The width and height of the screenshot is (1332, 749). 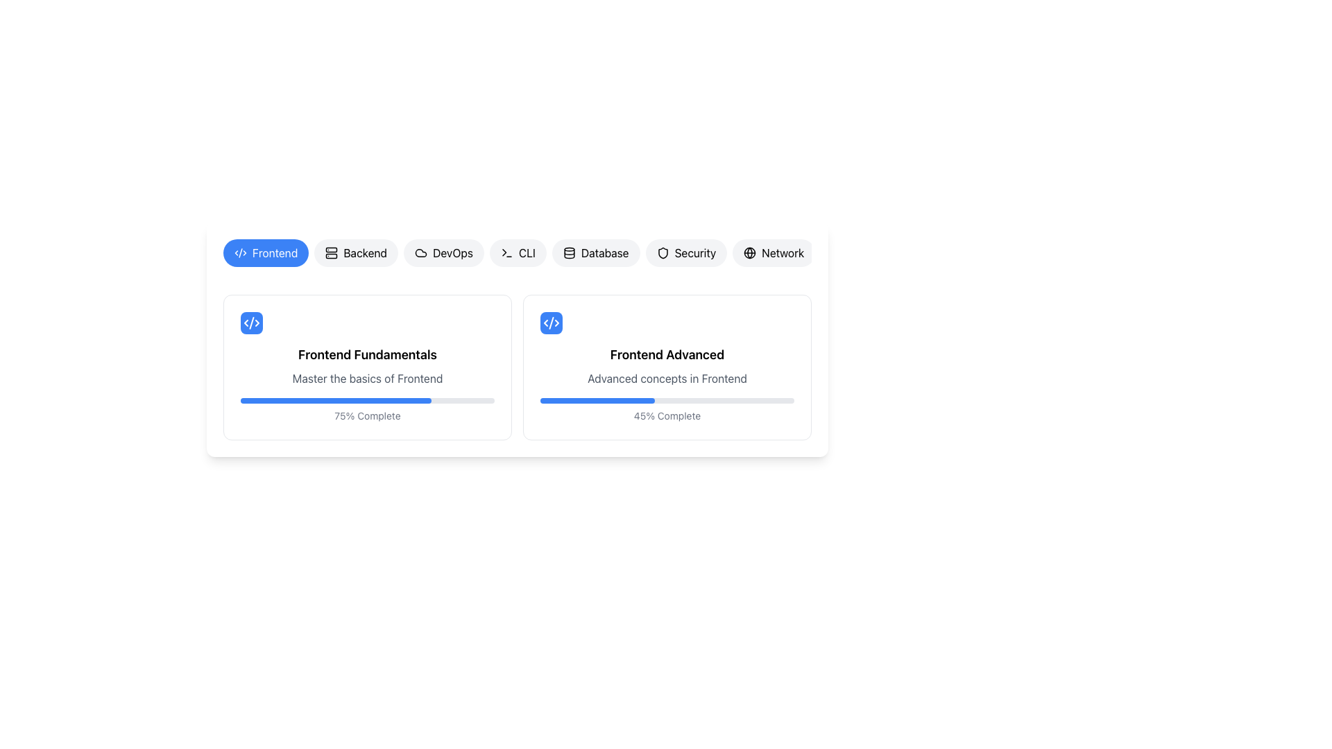 I want to click on the second horizontal rectangle within the server icon to understand its representation, so click(x=331, y=256).